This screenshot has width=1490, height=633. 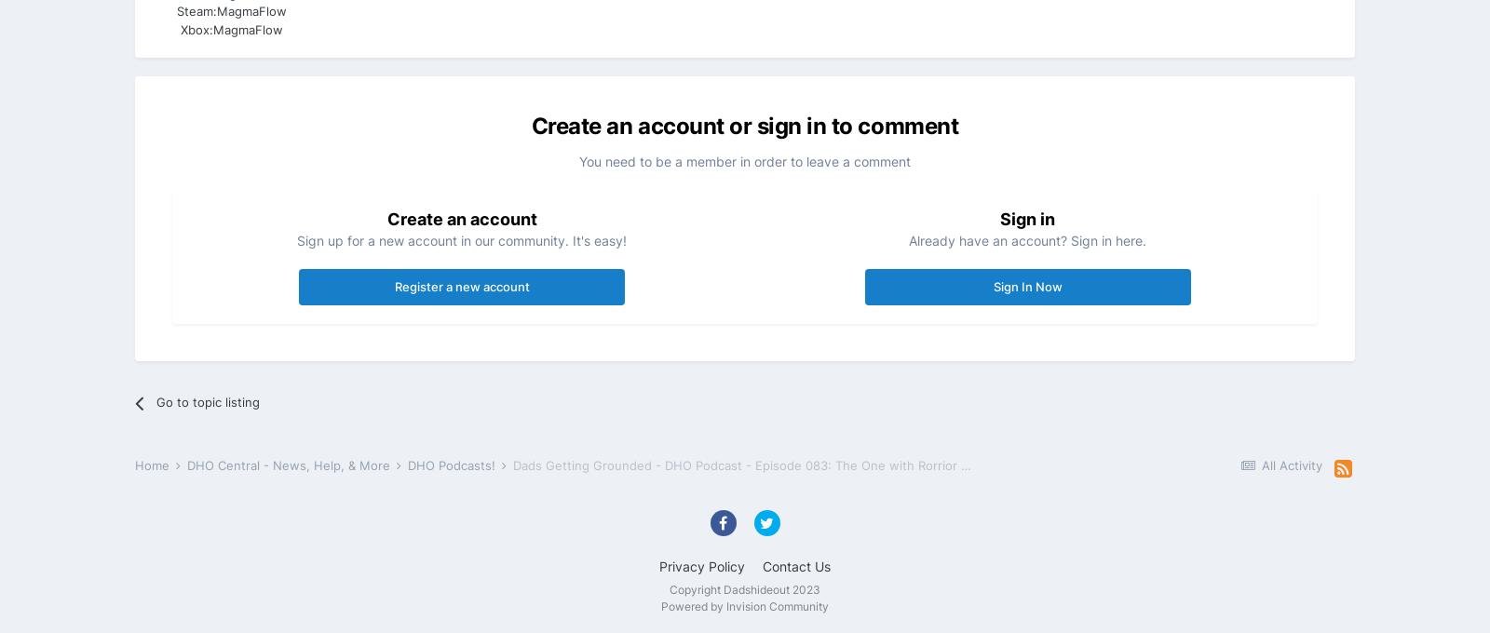 I want to click on 'Create an account or sign in to comment', so click(x=530, y=126).